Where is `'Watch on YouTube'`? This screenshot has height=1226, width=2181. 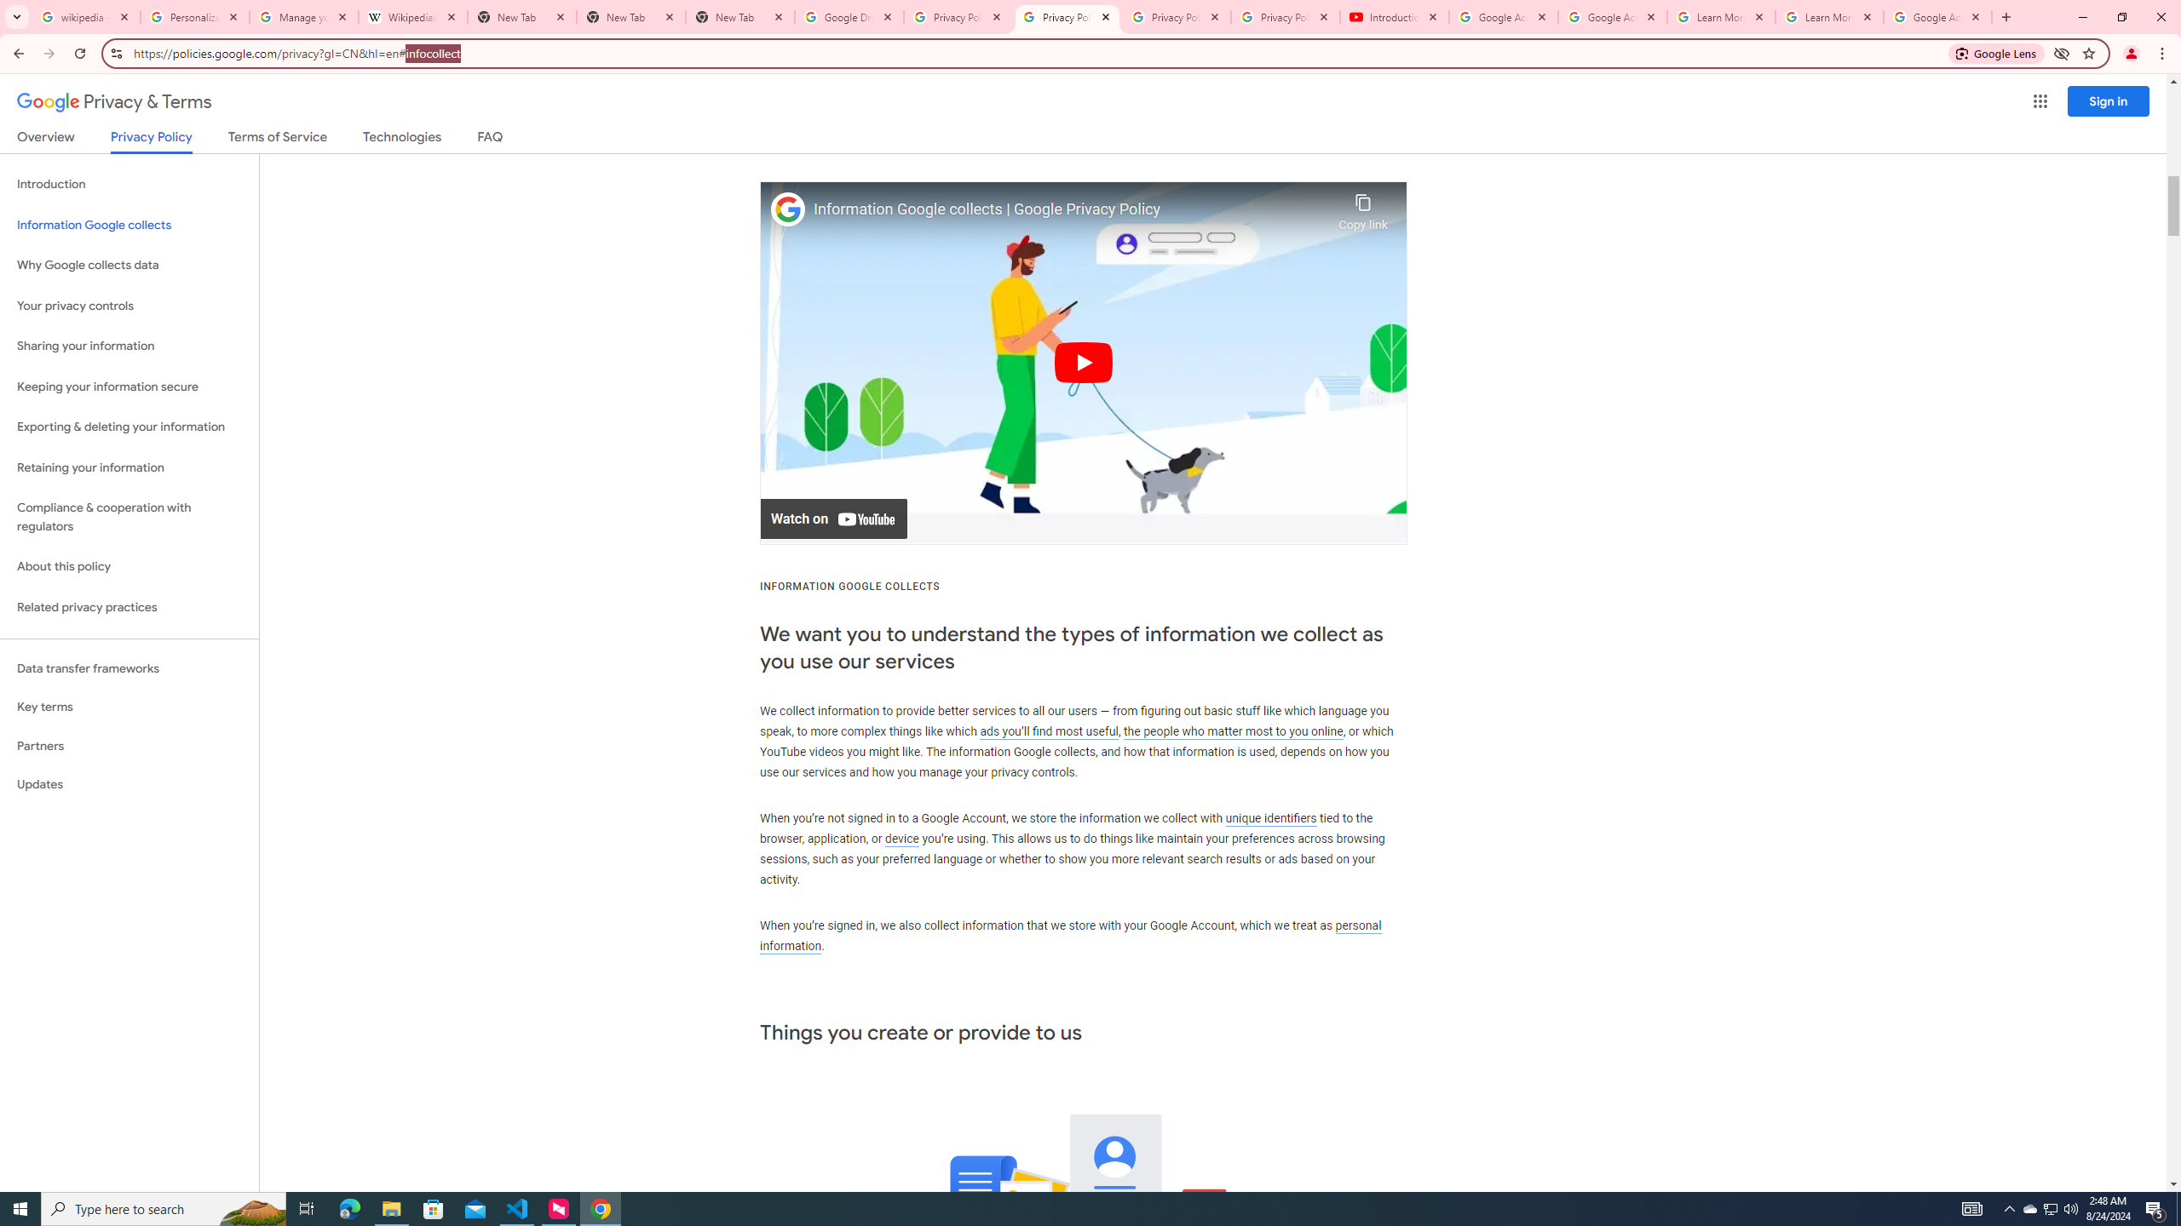 'Watch on YouTube' is located at coordinates (833, 518).